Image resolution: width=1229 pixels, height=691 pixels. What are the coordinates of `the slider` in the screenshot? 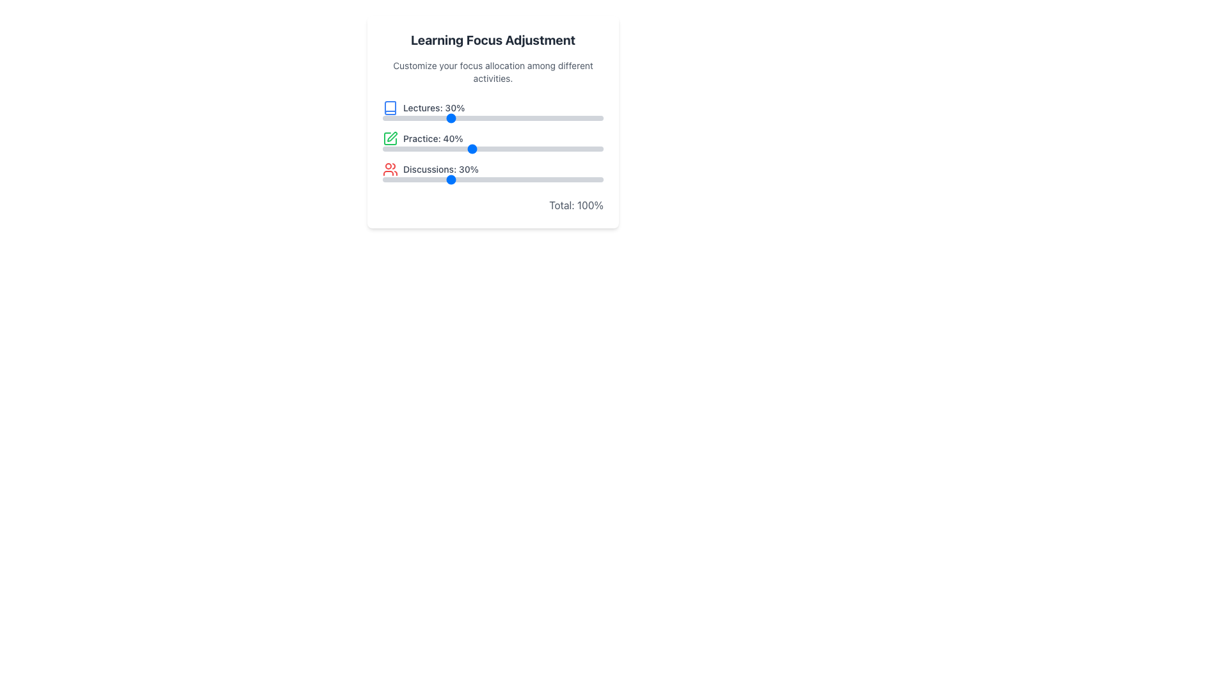 It's located at (399, 180).